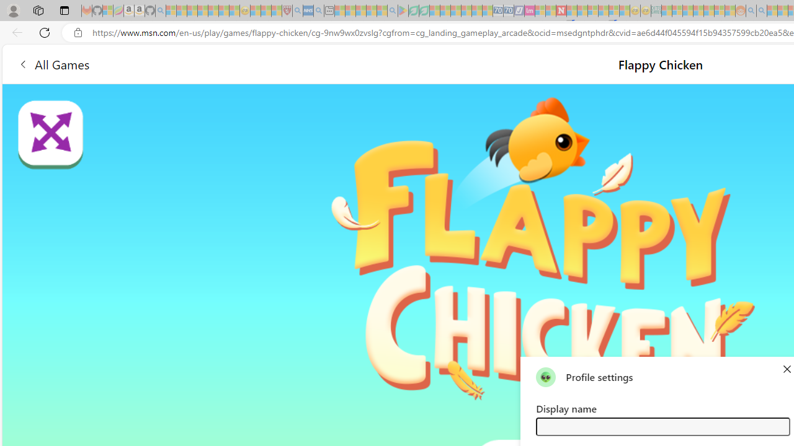 Image resolution: width=794 pixels, height=446 pixels. Describe the element at coordinates (413, 11) in the screenshot. I see `'Terms of Use Agreement - Sleeping'` at that location.